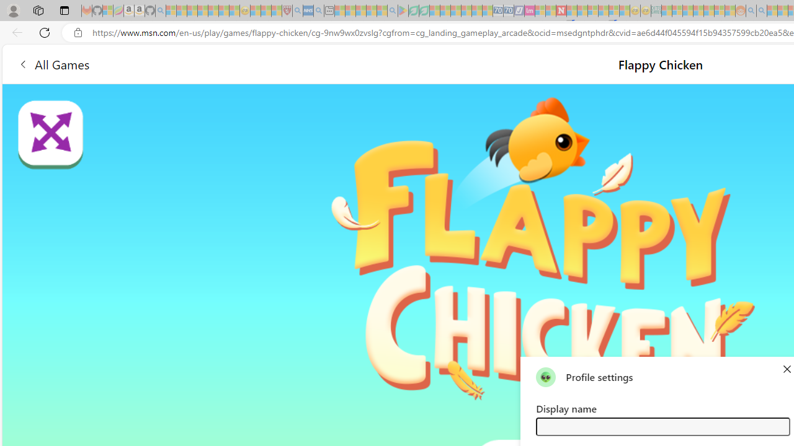 Image resolution: width=794 pixels, height=446 pixels. Describe the element at coordinates (413, 11) in the screenshot. I see `'Terms of Use Agreement - Sleeping'` at that location.